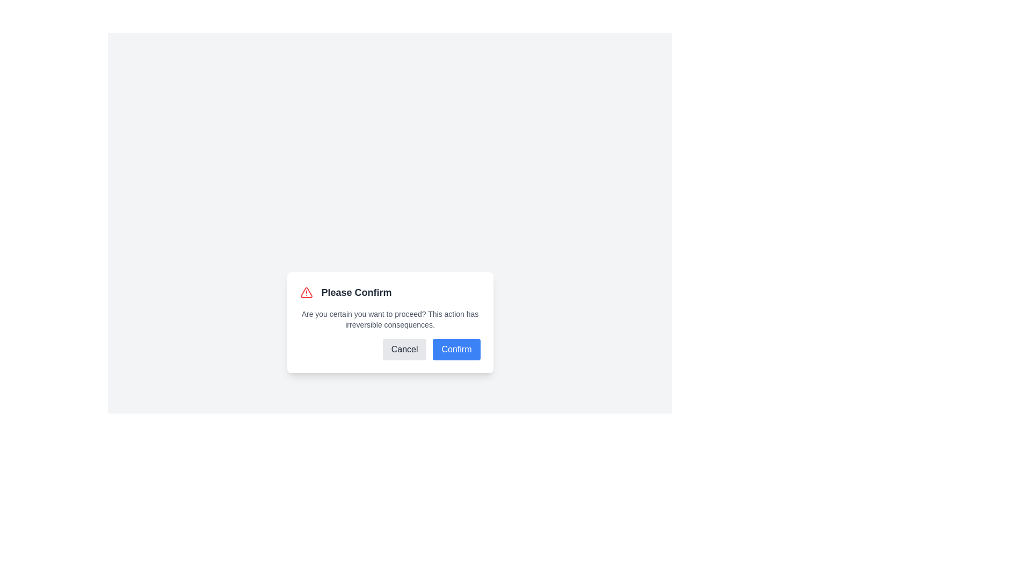  What do you see at coordinates (306, 292) in the screenshot?
I see `the warning icon that precedes the text 'Please Confirm'` at bounding box center [306, 292].